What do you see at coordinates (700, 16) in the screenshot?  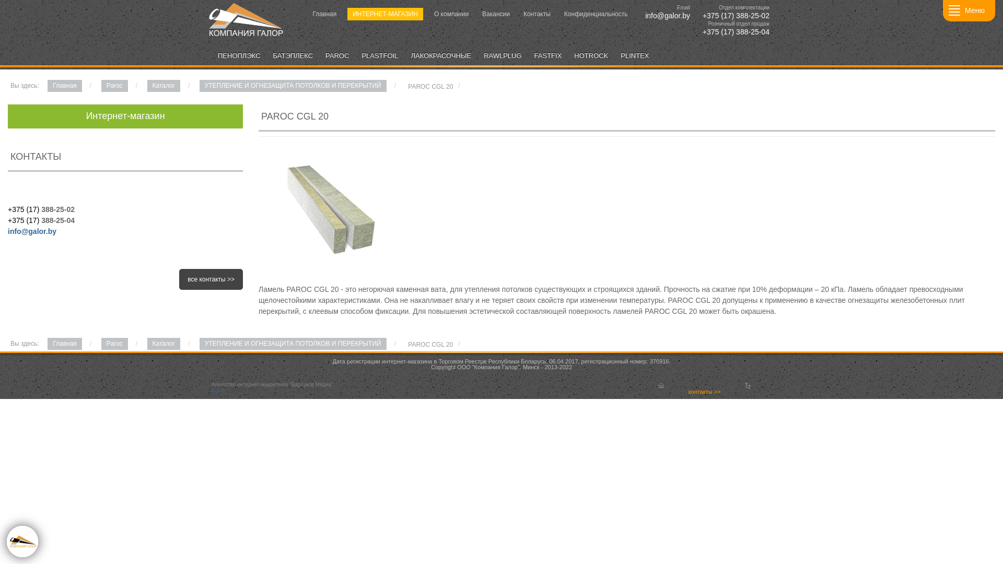 I see `' +375 (17) 388-25-02'` at bounding box center [700, 16].